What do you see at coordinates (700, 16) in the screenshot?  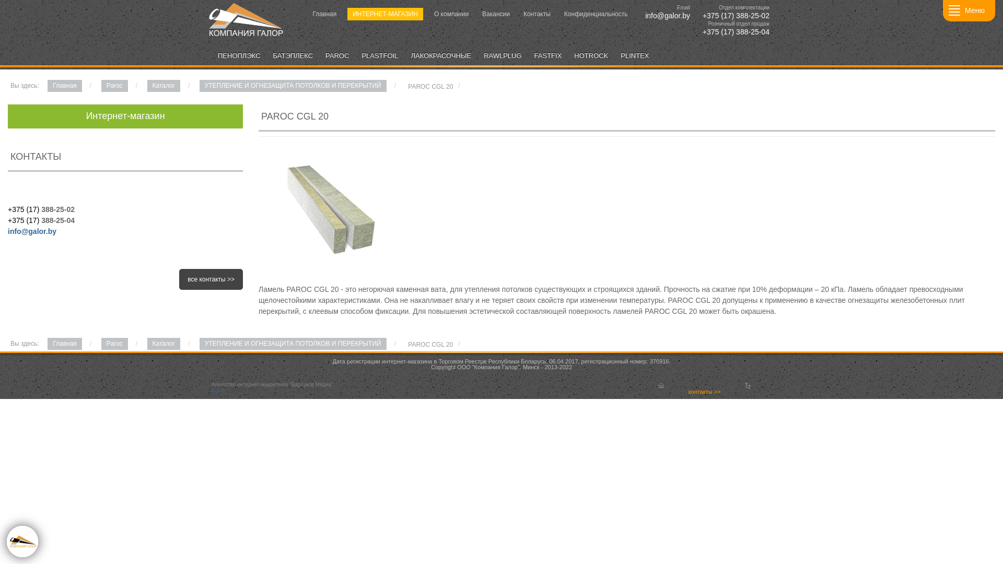 I see `' +375 (17) 388-25-02'` at bounding box center [700, 16].